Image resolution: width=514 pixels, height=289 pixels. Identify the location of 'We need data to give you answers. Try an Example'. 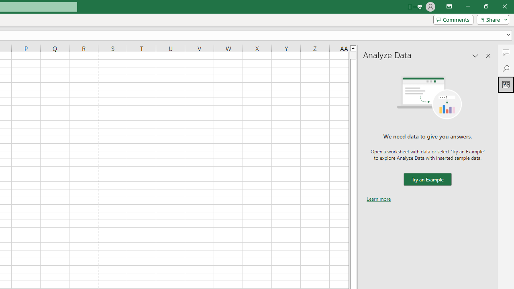
(427, 179).